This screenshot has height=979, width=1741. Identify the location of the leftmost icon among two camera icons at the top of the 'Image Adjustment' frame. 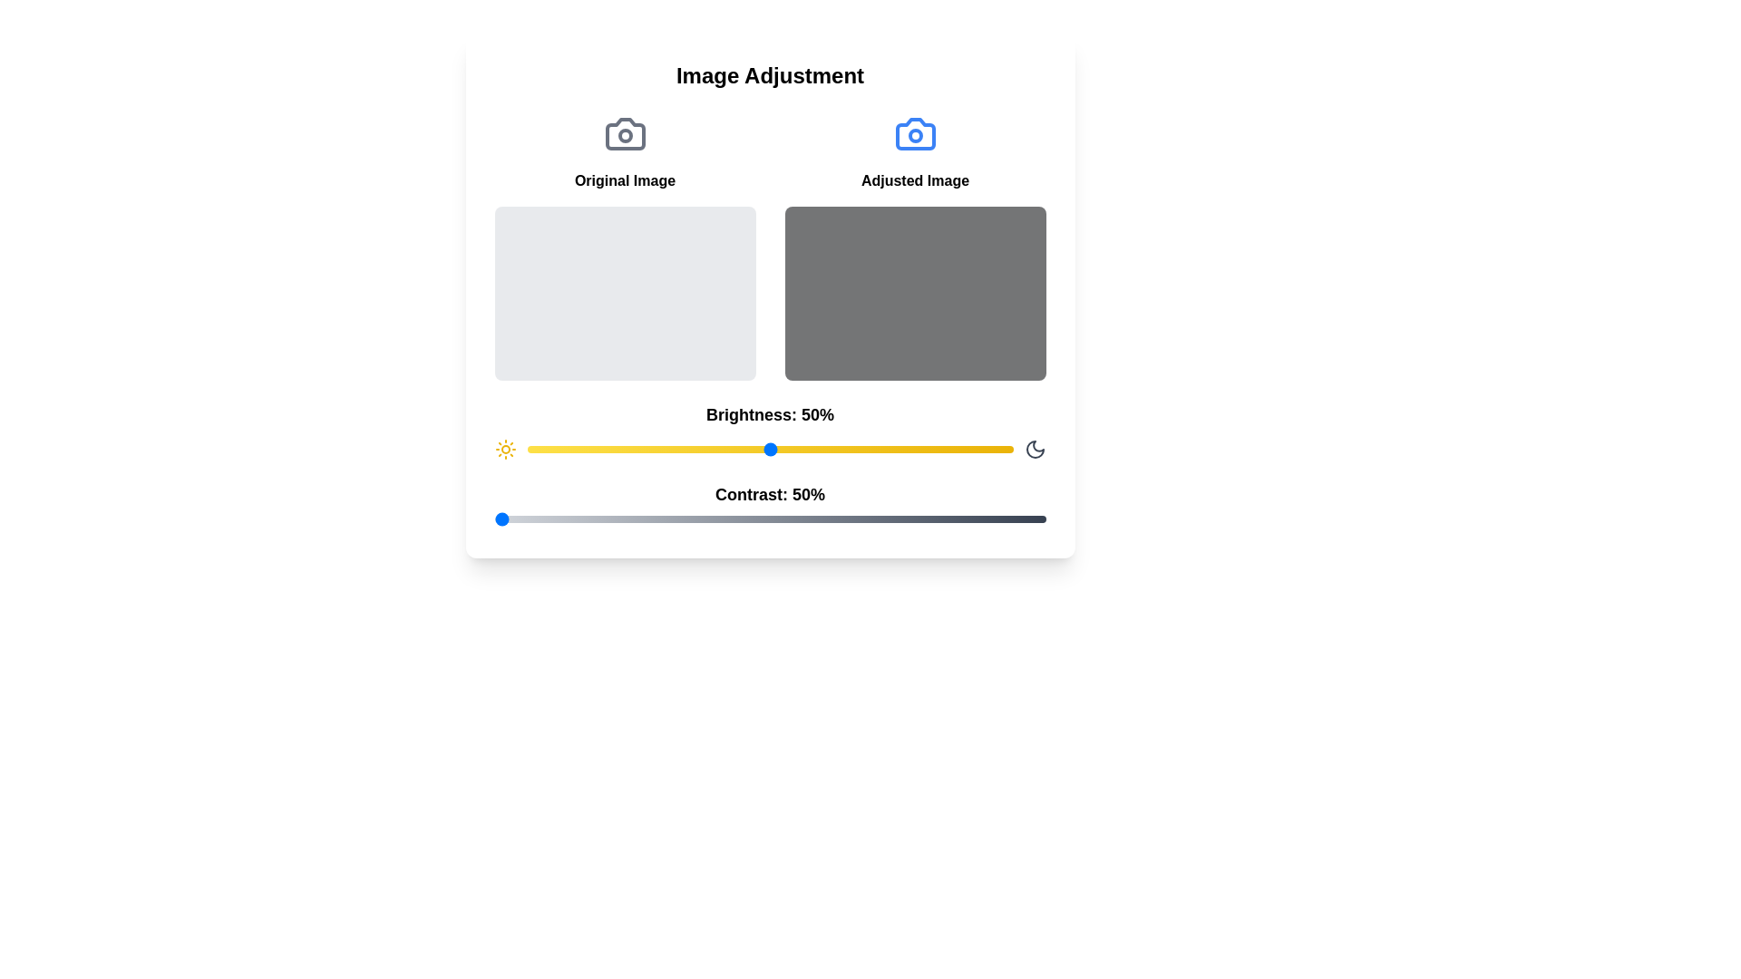
(625, 132).